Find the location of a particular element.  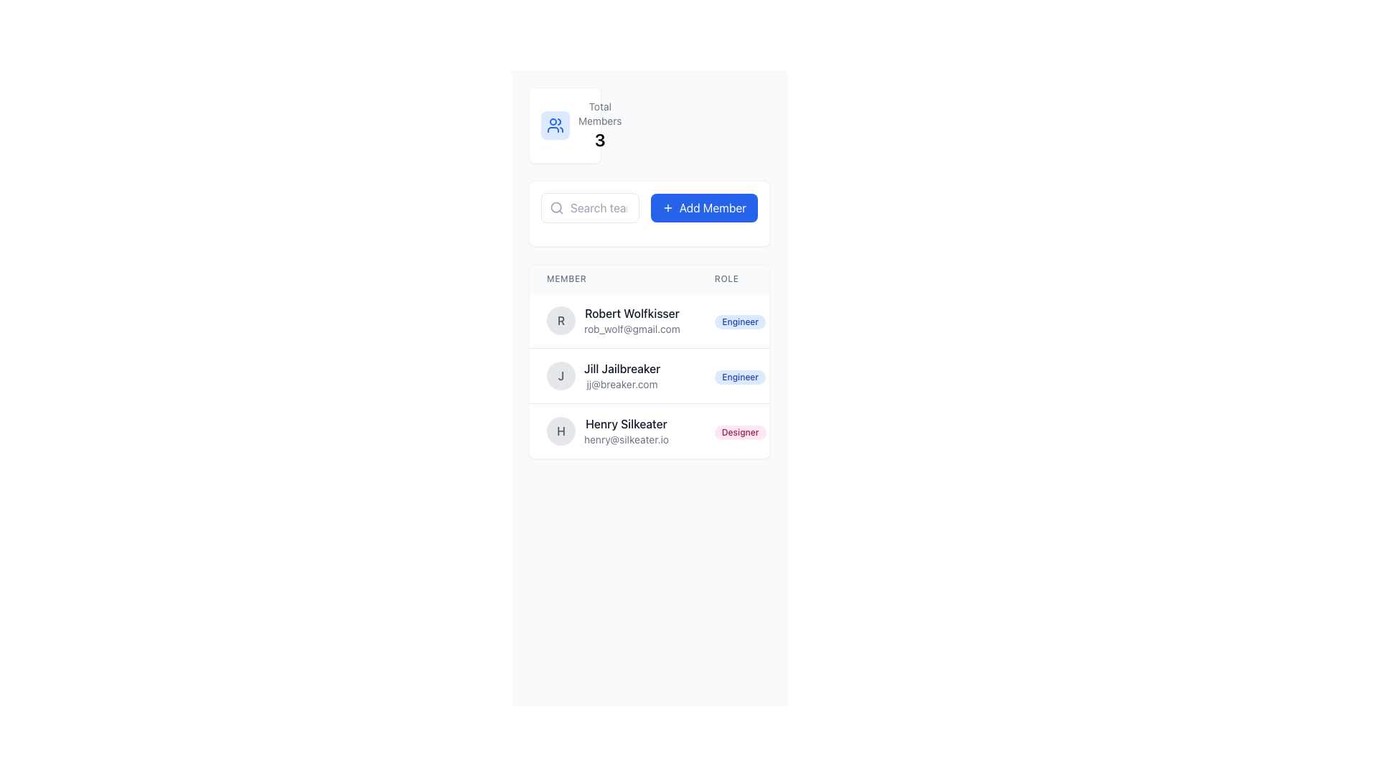

the Text display component that identifies a user by their name and email address, located in the first row of the members list adjacent to the 'Engineer' tag is located at coordinates (632, 320).